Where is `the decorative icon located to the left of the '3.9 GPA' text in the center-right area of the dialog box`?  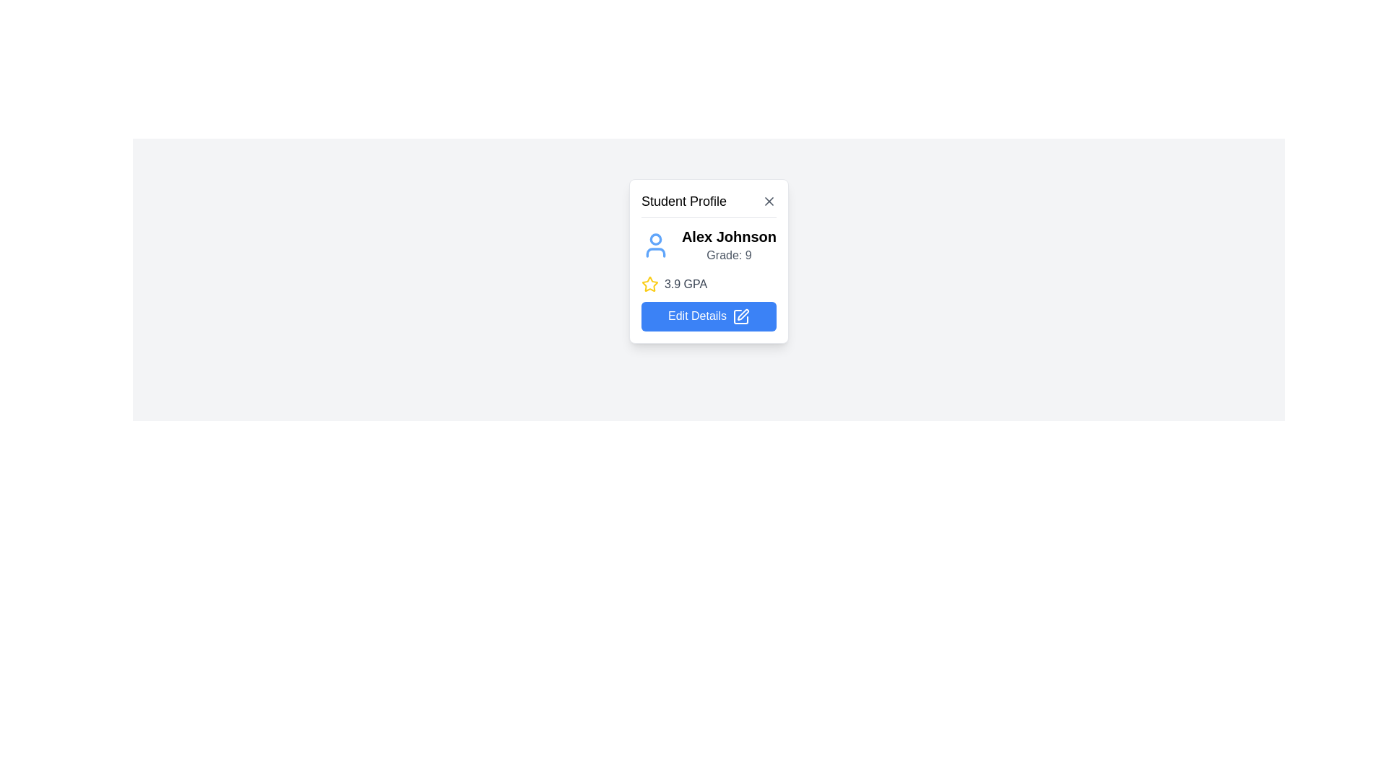 the decorative icon located to the left of the '3.9 GPA' text in the center-right area of the dialog box is located at coordinates (649, 284).